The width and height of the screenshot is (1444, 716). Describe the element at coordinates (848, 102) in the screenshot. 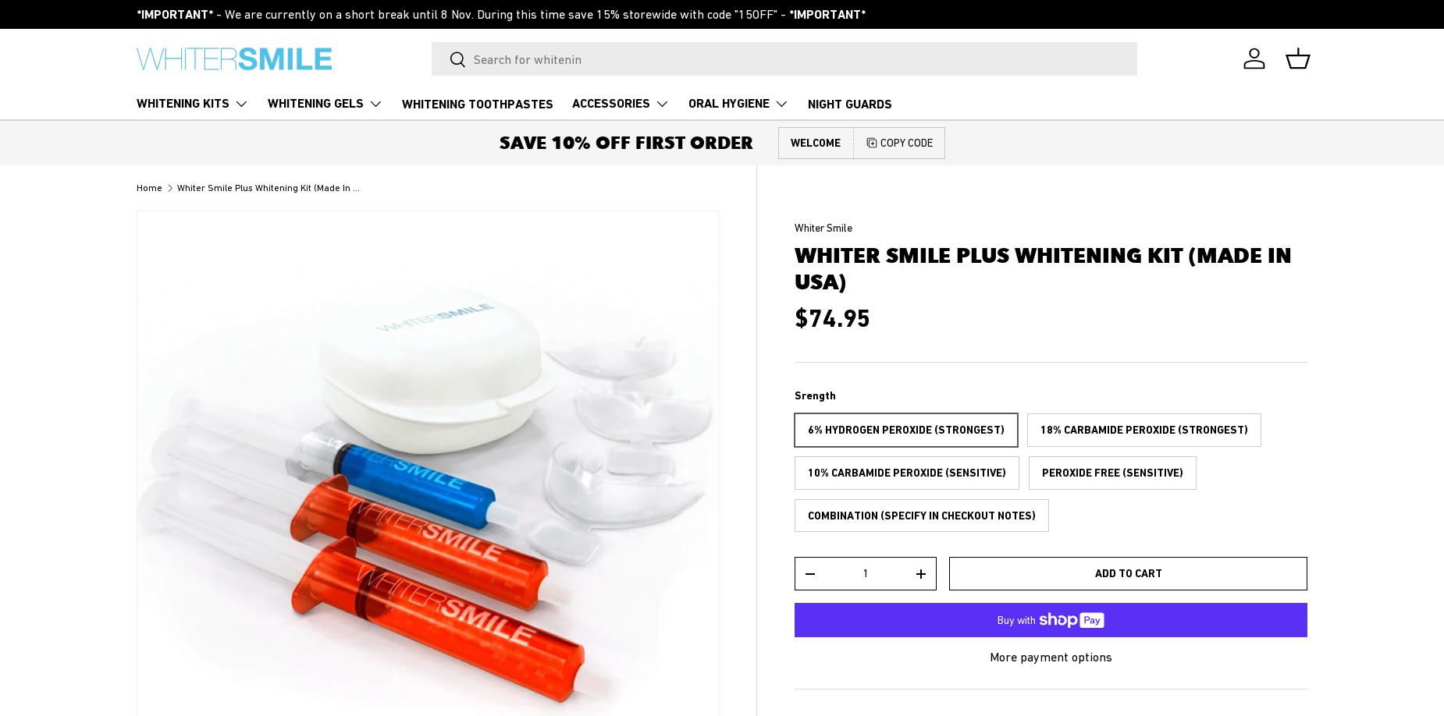

I see `'NIGHT GUARDS'` at that location.